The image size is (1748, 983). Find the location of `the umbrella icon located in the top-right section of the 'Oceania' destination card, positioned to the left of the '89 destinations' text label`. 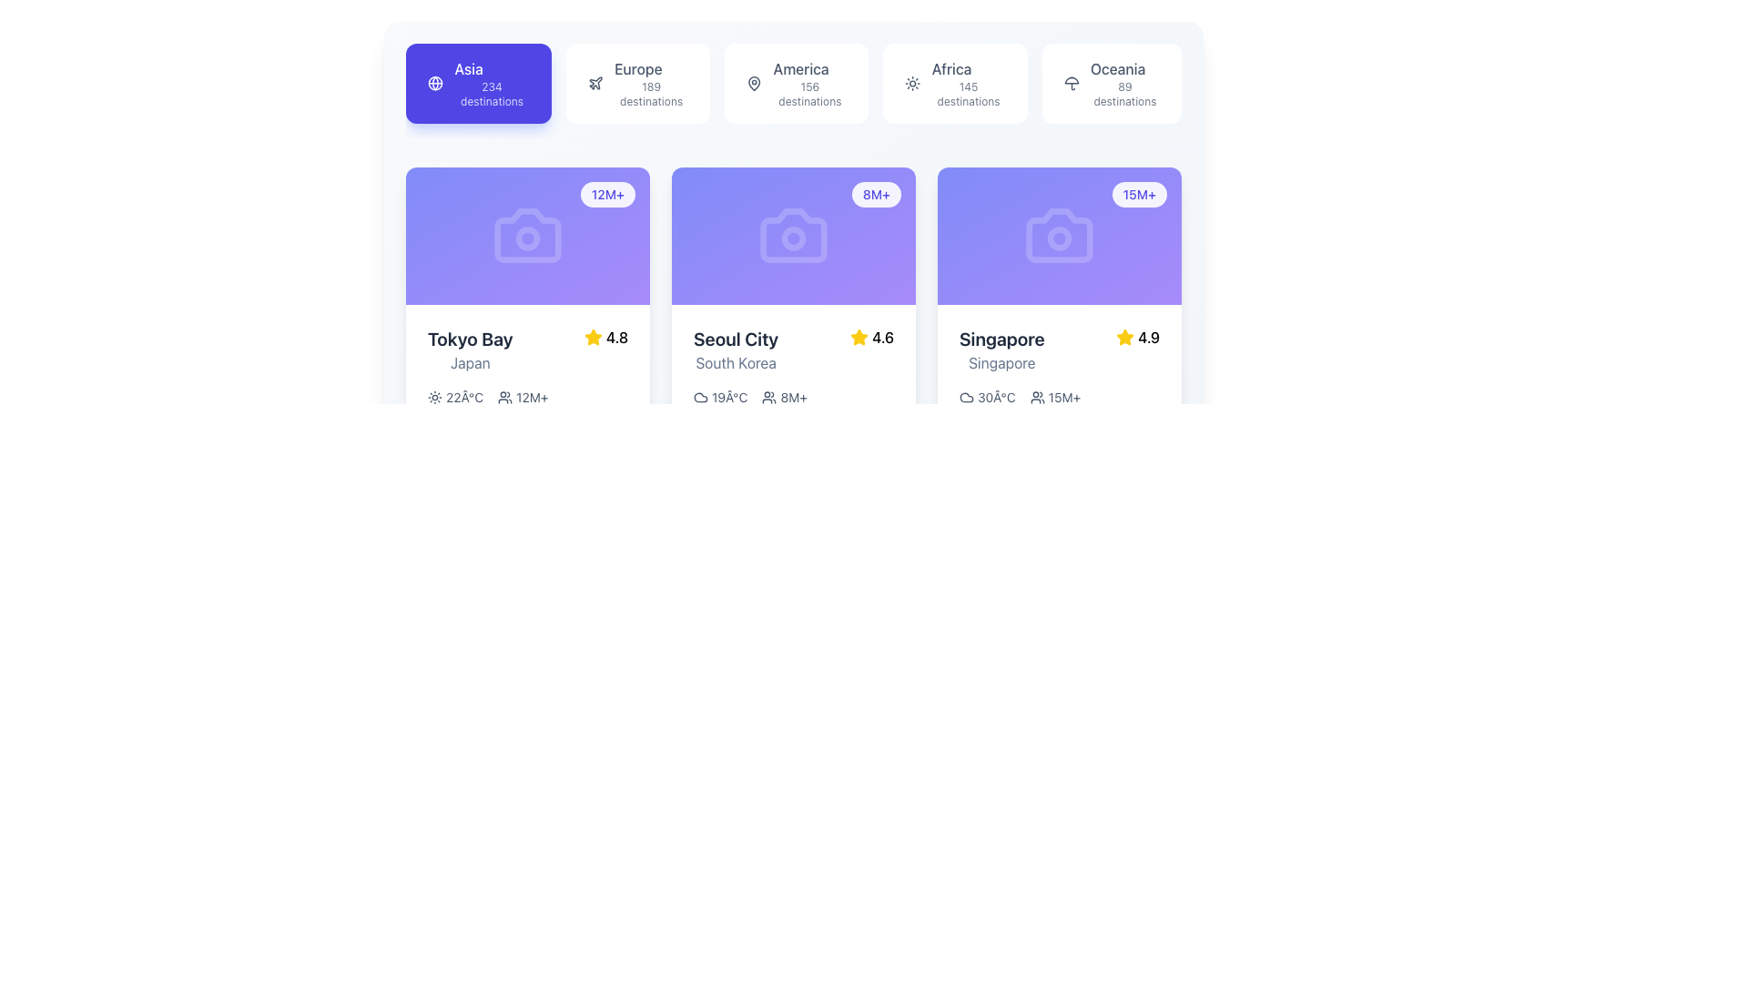

the umbrella icon located in the top-right section of the 'Oceania' destination card, positioned to the left of the '89 destinations' text label is located at coordinates (1072, 84).